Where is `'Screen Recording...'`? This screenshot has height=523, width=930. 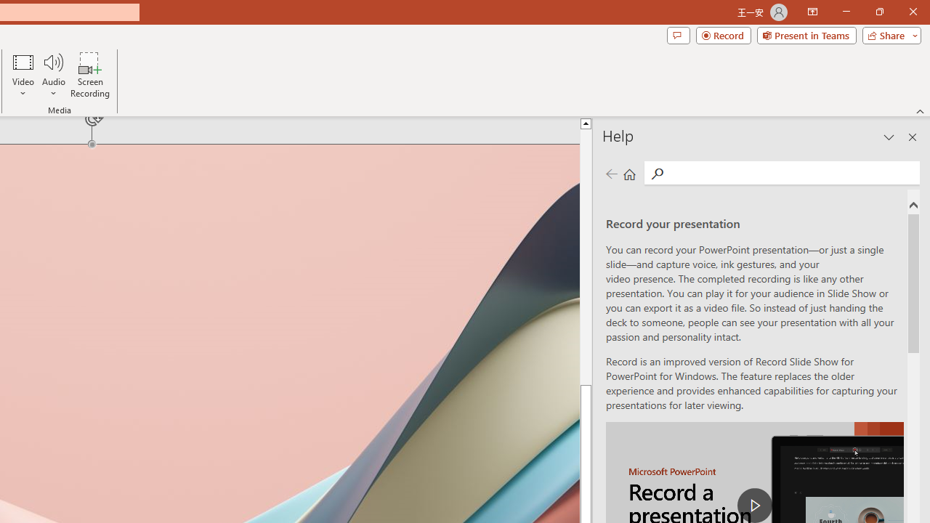 'Screen Recording...' is located at coordinates (89, 75).